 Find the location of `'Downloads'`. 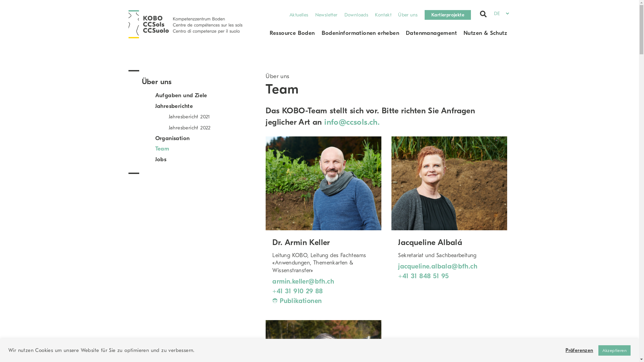

'Downloads' is located at coordinates (344, 14).